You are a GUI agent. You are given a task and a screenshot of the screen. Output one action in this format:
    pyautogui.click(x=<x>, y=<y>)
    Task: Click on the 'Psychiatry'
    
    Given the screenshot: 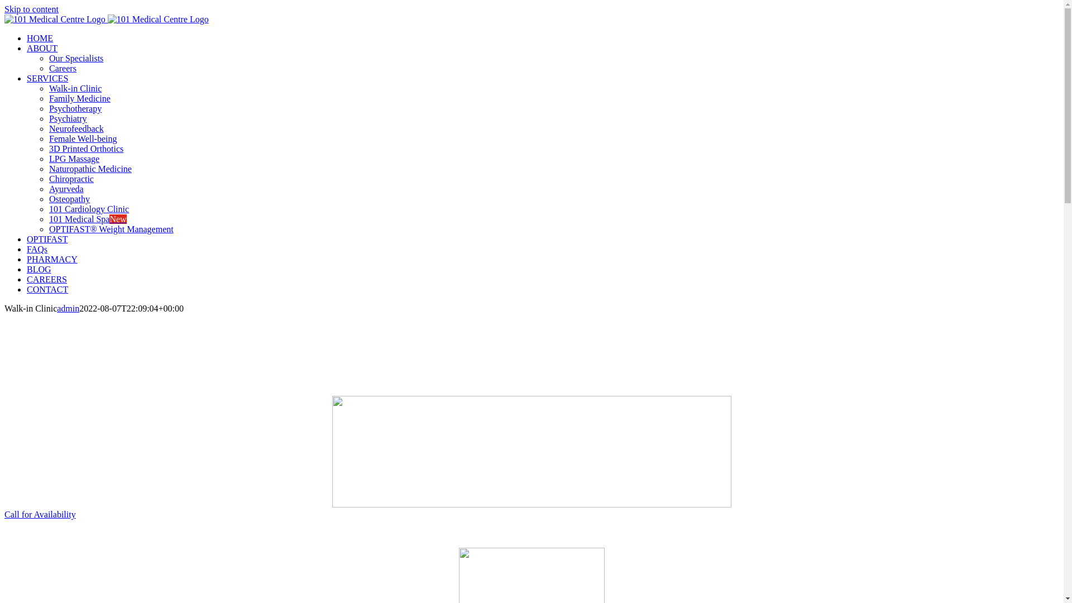 What is the action you would take?
    pyautogui.click(x=67, y=118)
    